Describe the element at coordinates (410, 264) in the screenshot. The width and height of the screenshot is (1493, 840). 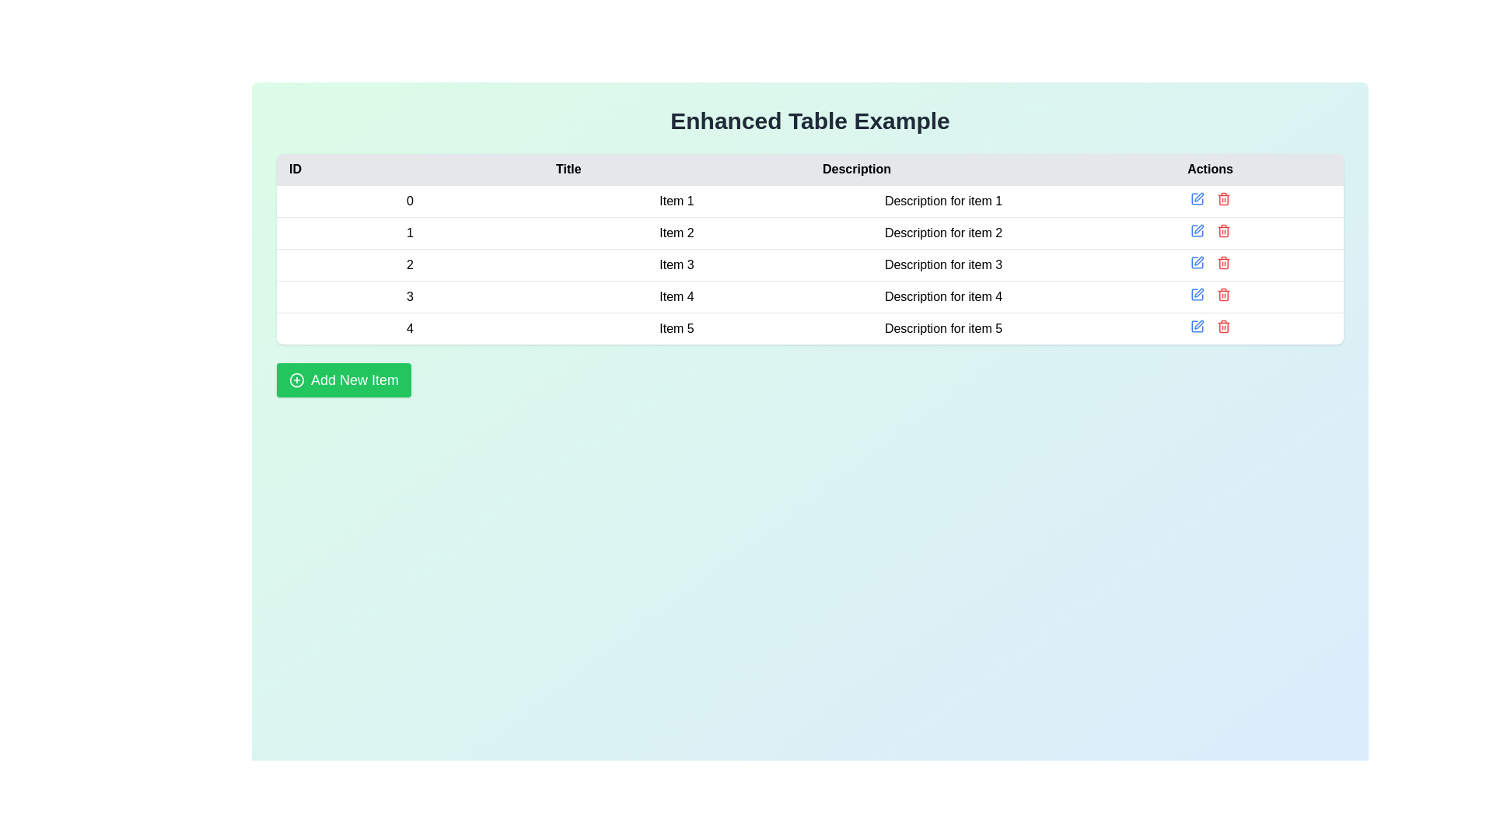
I see `value displayed in the ID column of the third row in the table, which serves as a reference point for the respective row` at that location.